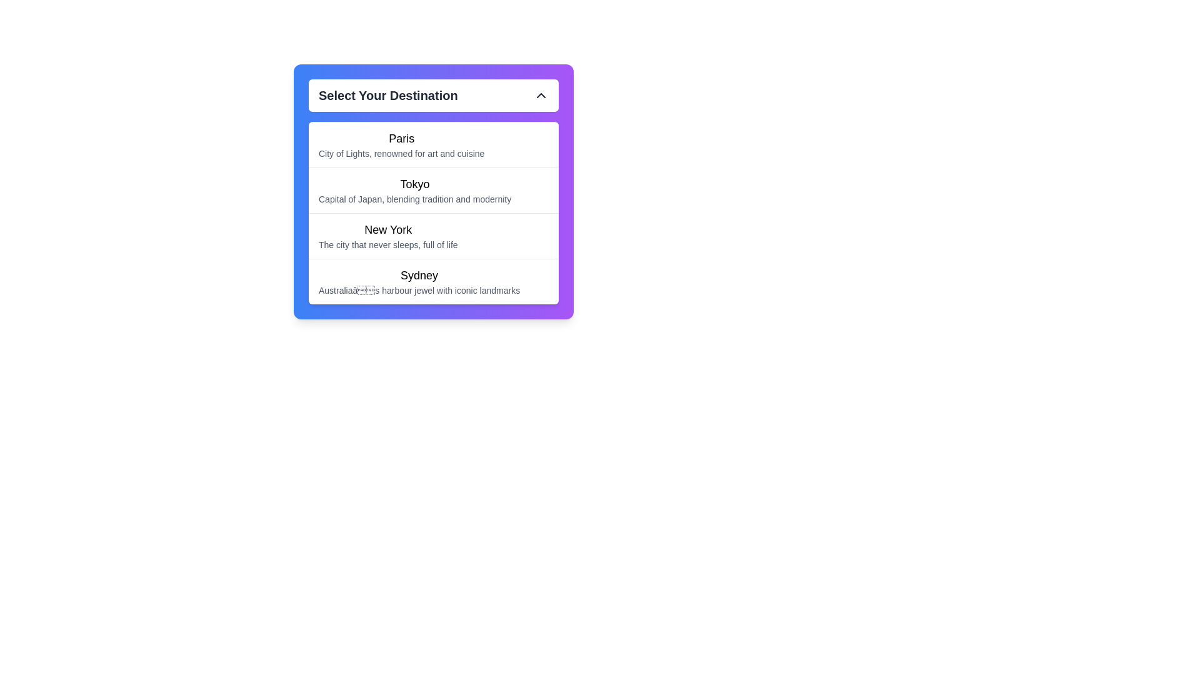 The height and width of the screenshot is (675, 1200). Describe the element at coordinates (419, 274) in the screenshot. I see `the Text label that serves as a heading for the city of Sydney, located in the bottom section of the 'Select Your Destination' interface card` at that location.